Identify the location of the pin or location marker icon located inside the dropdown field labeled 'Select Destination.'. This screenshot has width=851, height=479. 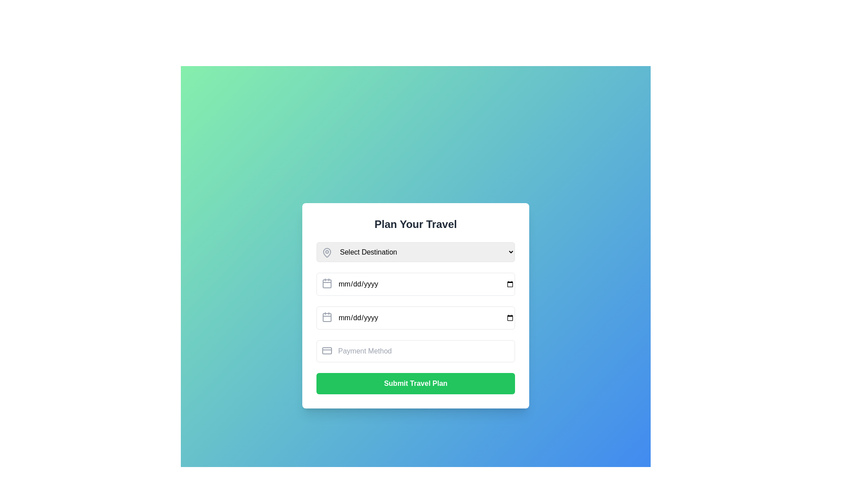
(327, 252).